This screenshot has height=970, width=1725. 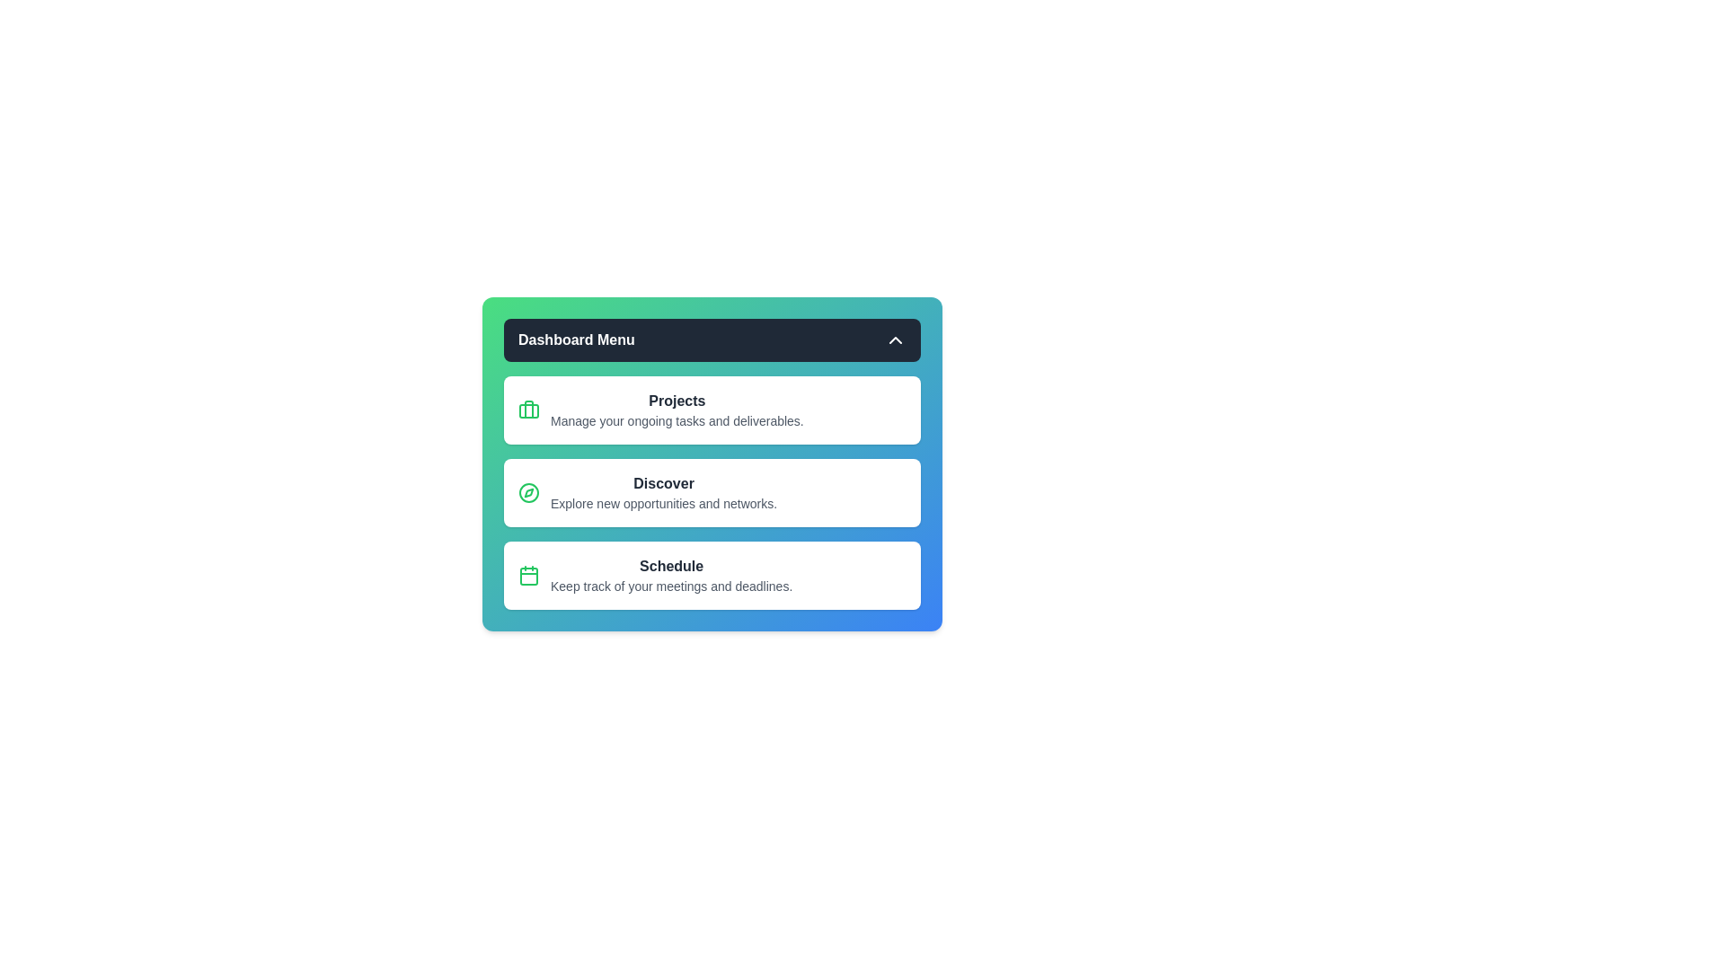 I want to click on the icon of the menu item corresponding to Schedule, so click(x=528, y=575).